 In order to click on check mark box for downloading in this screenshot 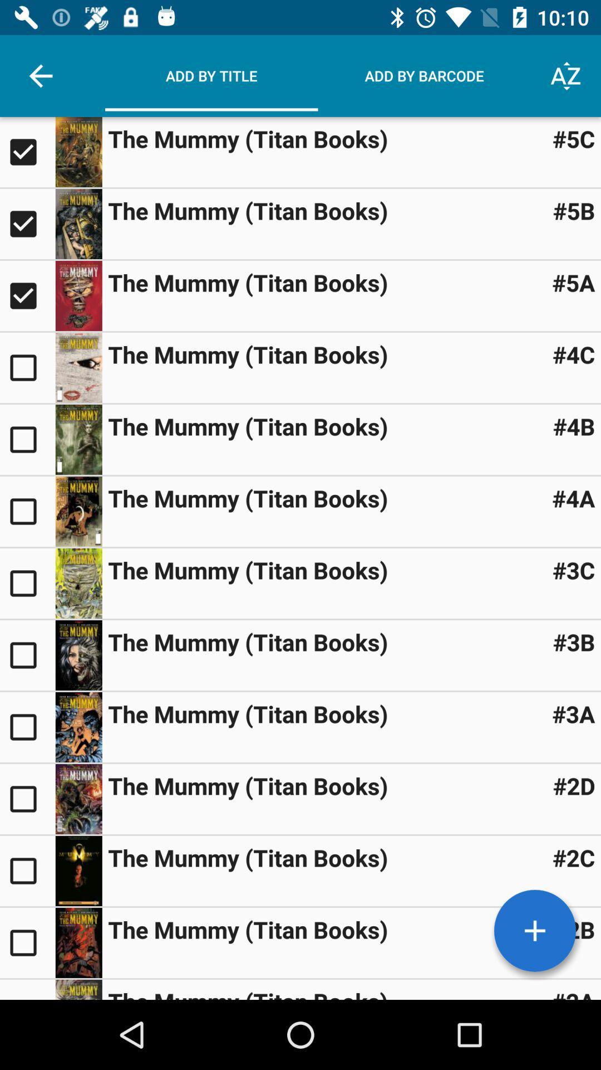, I will do `click(27, 727)`.